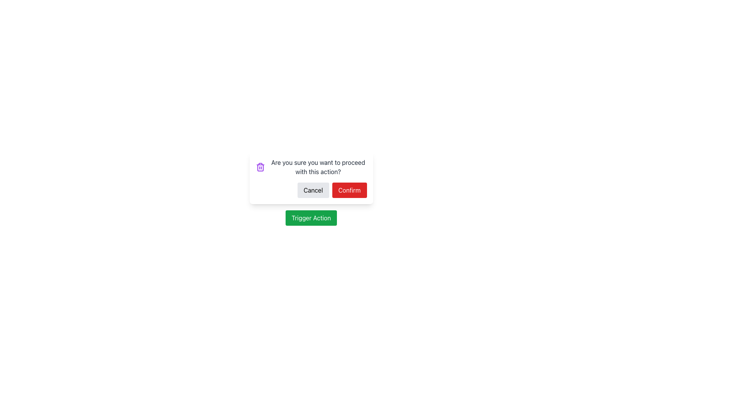  What do you see at coordinates (311, 190) in the screenshot?
I see `the cancel button located in the modal dialog box, positioned to the left of the 'Confirm' button` at bounding box center [311, 190].